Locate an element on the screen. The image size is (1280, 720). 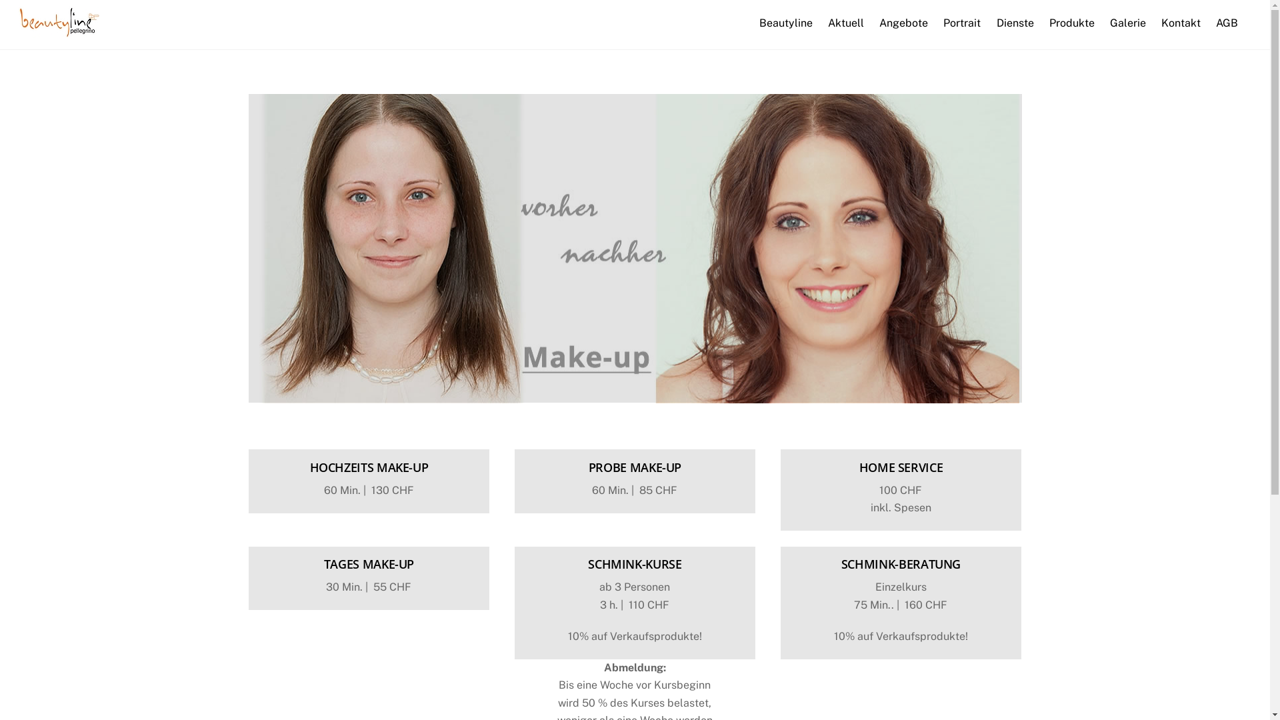
'Galerie' is located at coordinates (1103, 23).